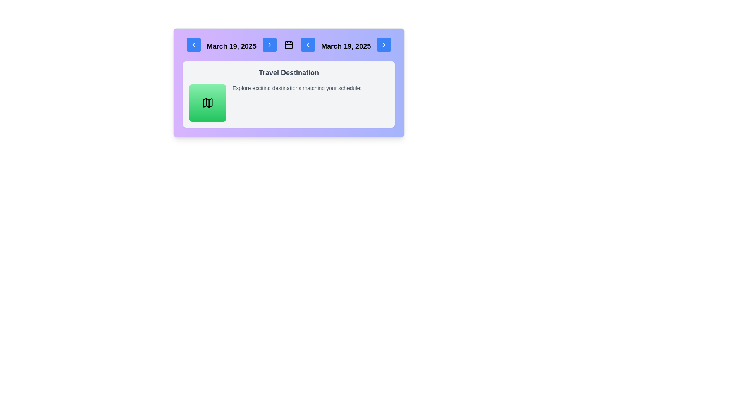  What do you see at coordinates (193, 45) in the screenshot?
I see `the left-pointing chevron icon within the blue navigation button` at bounding box center [193, 45].